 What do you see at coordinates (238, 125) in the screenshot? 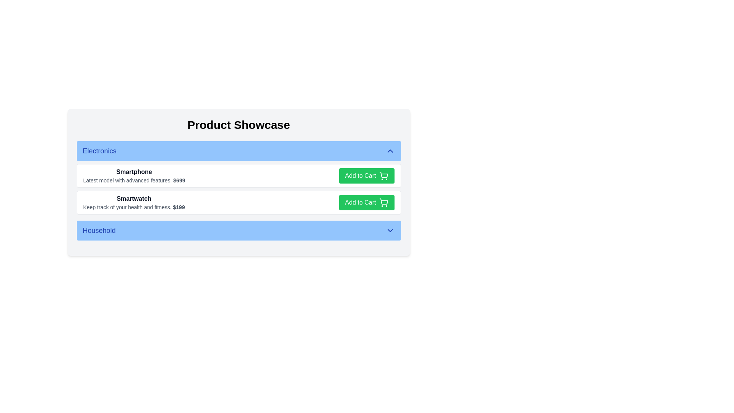
I see `the visual style of the bold, centered header text 'Product Showcase'` at bounding box center [238, 125].